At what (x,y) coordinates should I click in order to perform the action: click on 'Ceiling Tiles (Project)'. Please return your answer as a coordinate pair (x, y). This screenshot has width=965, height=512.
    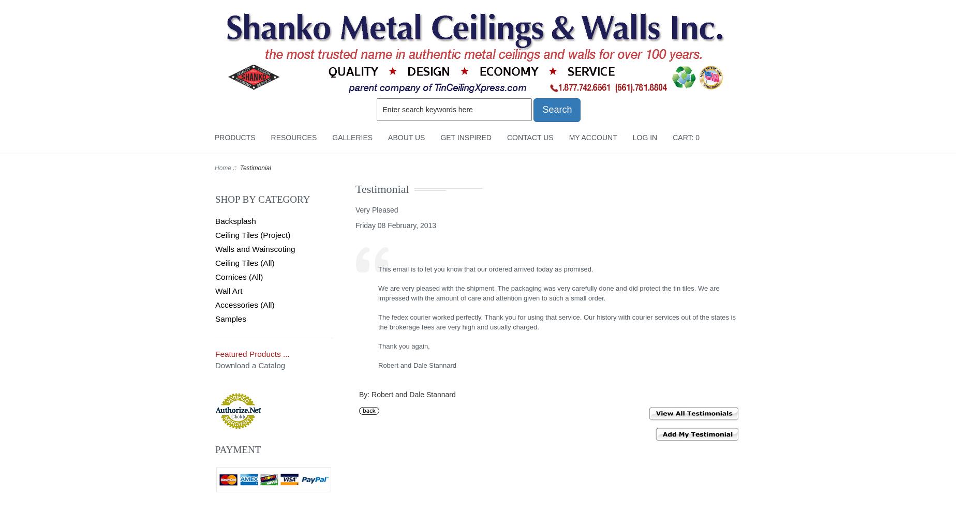
    Looking at the image, I should click on (252, 234).